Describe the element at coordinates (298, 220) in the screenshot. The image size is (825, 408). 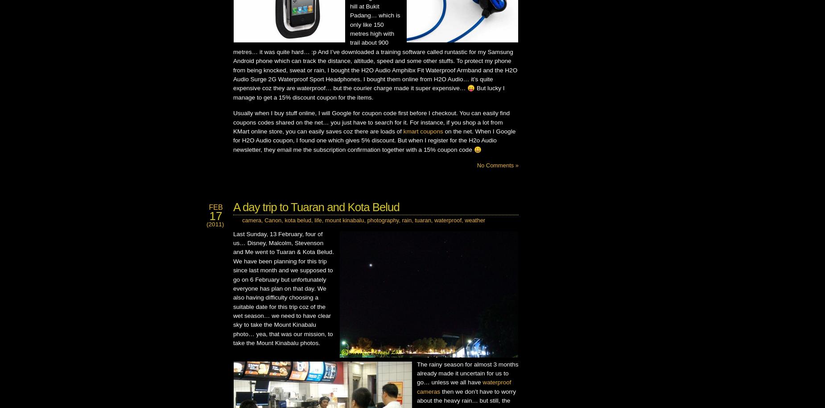
I see `'kota belud'` at that location.